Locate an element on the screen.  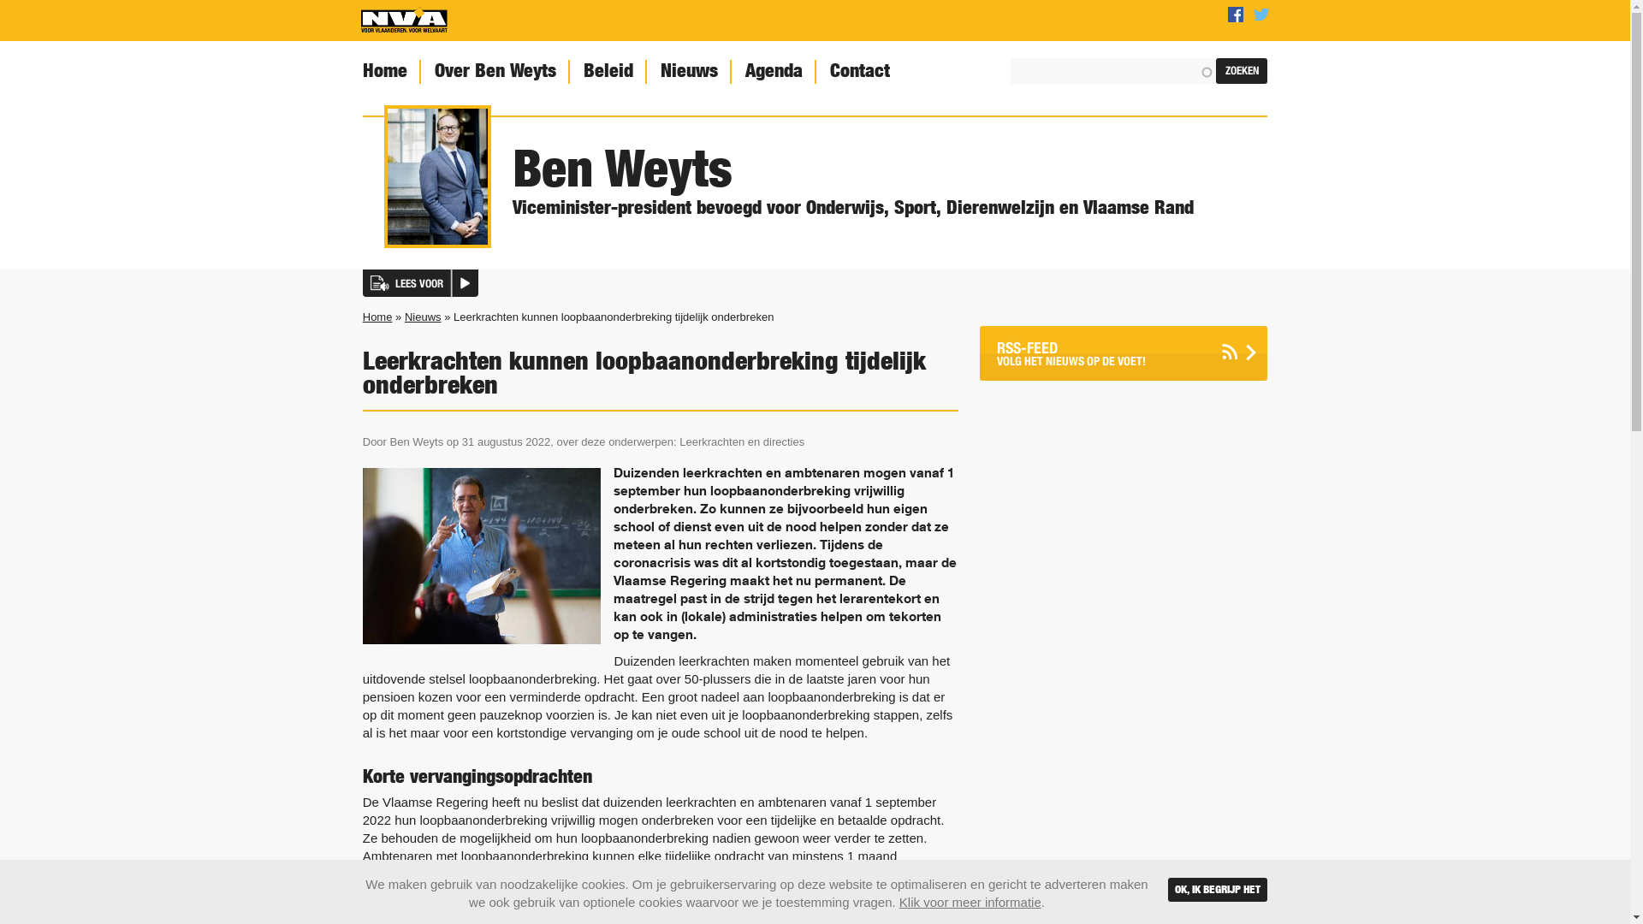
'Zoeken' is located at coordinates (1241, 70).